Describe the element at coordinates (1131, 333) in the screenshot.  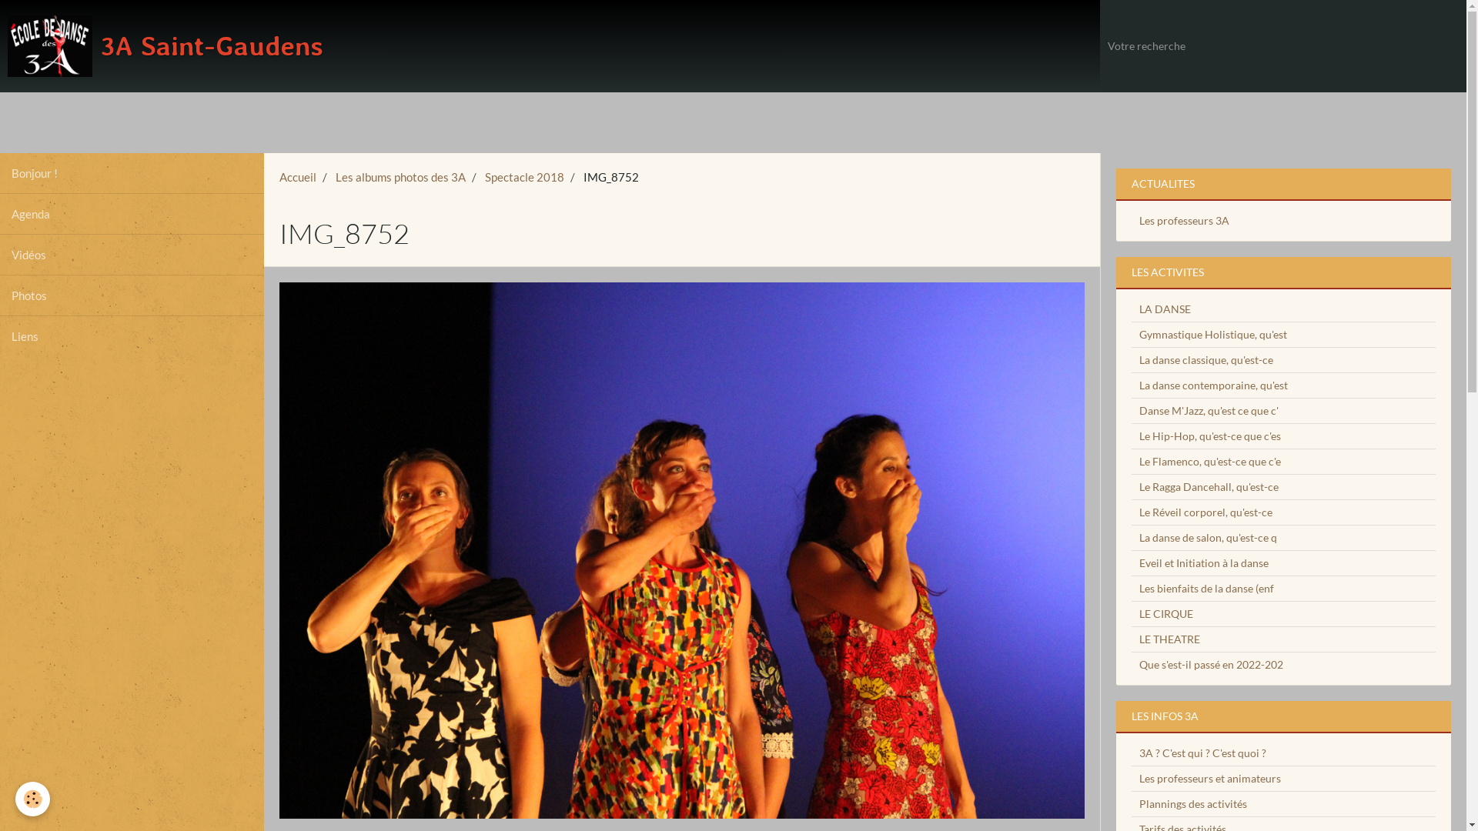
I see `'Gymnastique Holistique, qu'est'` at that location.